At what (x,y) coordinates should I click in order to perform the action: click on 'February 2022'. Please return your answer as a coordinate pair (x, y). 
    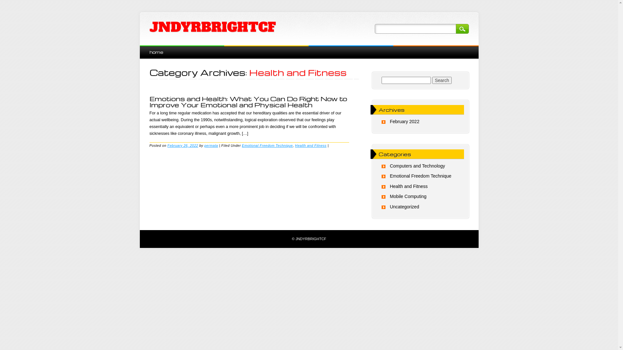
    Looking at the image, I should click on (404, 121).